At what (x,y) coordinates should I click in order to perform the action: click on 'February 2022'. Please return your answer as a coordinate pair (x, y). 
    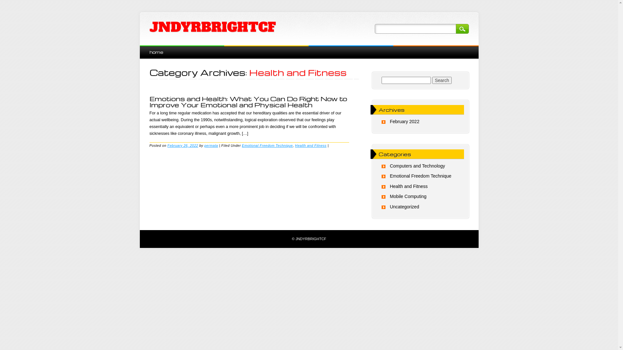
    Looking at the image, I should click on (404, 121).